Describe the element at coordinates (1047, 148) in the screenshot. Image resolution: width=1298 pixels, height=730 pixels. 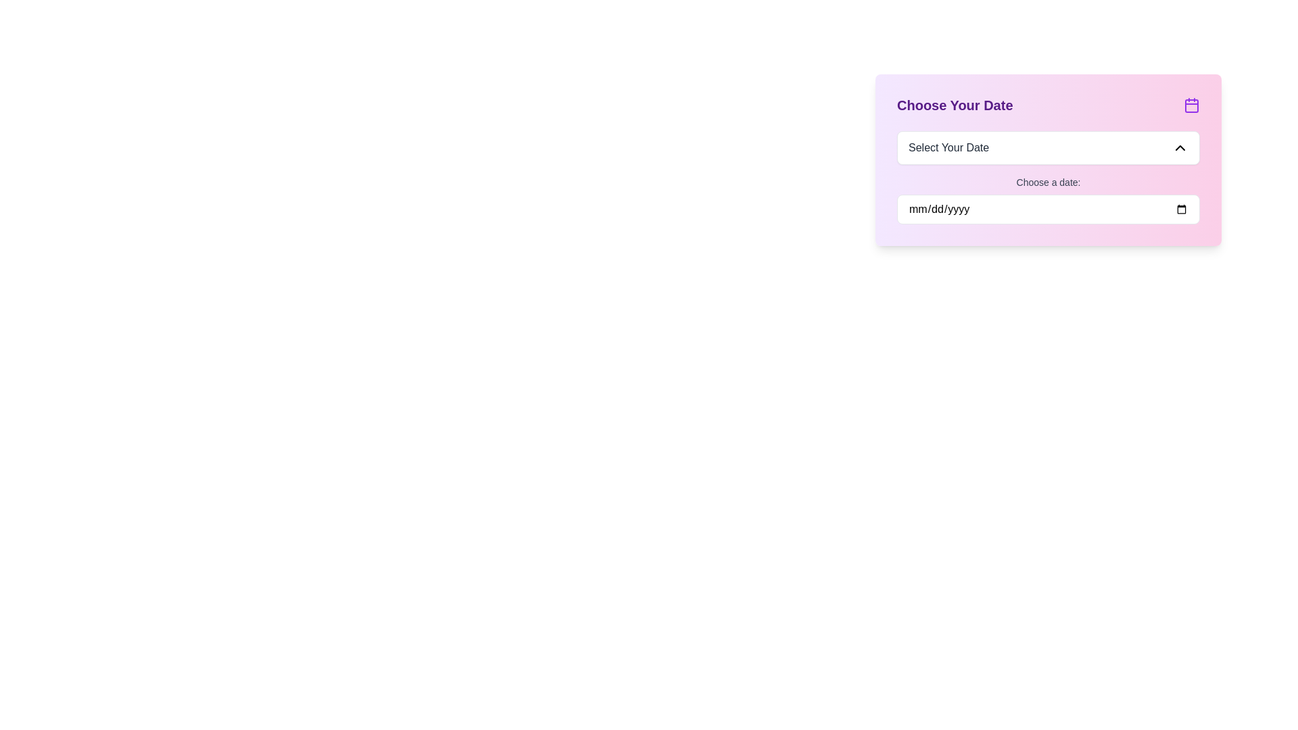
I see `the dropdown menu for date selection located beneath the title 'Choose Your Date' within a card-like structure` at that location.